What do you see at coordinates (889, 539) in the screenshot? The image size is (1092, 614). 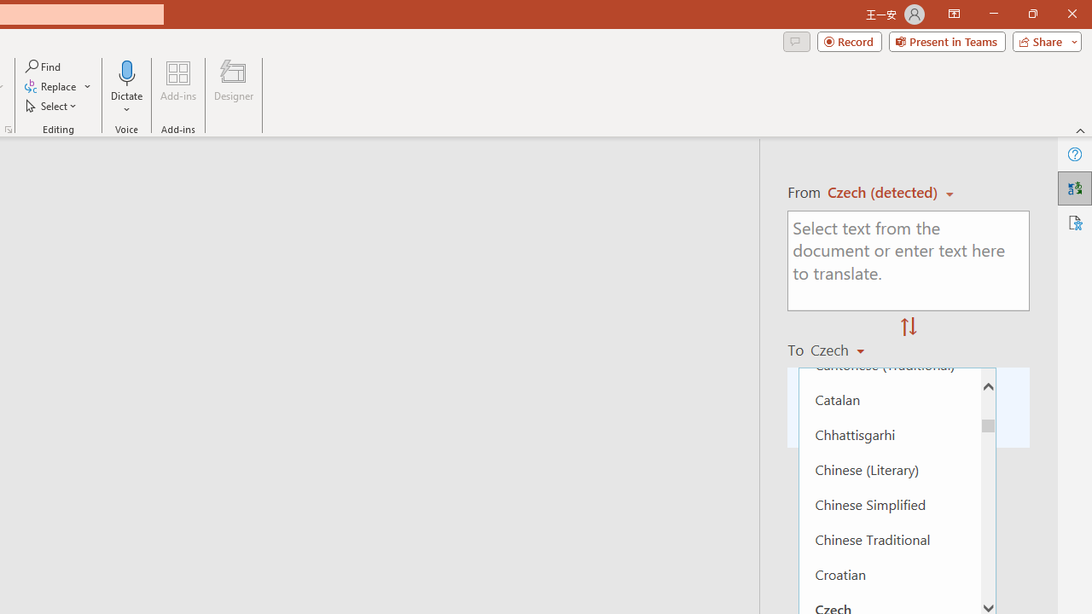 I see `'Chinese Traditional'` at bounding box center [889, 539].